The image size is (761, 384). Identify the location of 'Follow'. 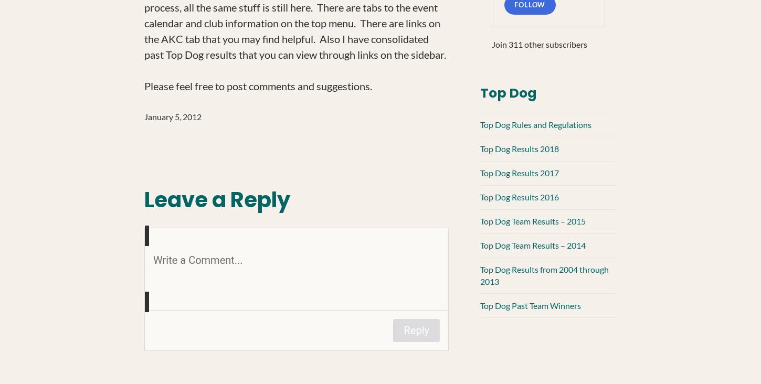
(530, 3).